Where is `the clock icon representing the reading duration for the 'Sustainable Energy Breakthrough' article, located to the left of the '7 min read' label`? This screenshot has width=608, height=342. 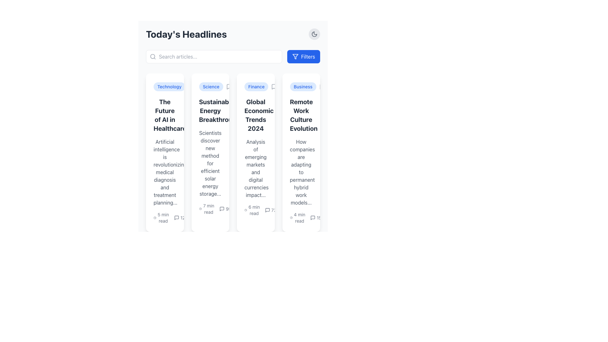
the clock icon representing the reading duration for the 'Sustainable Energy Breakthrough' article, located to the left of the '7 min read' label is located at coordinates (200, 209).